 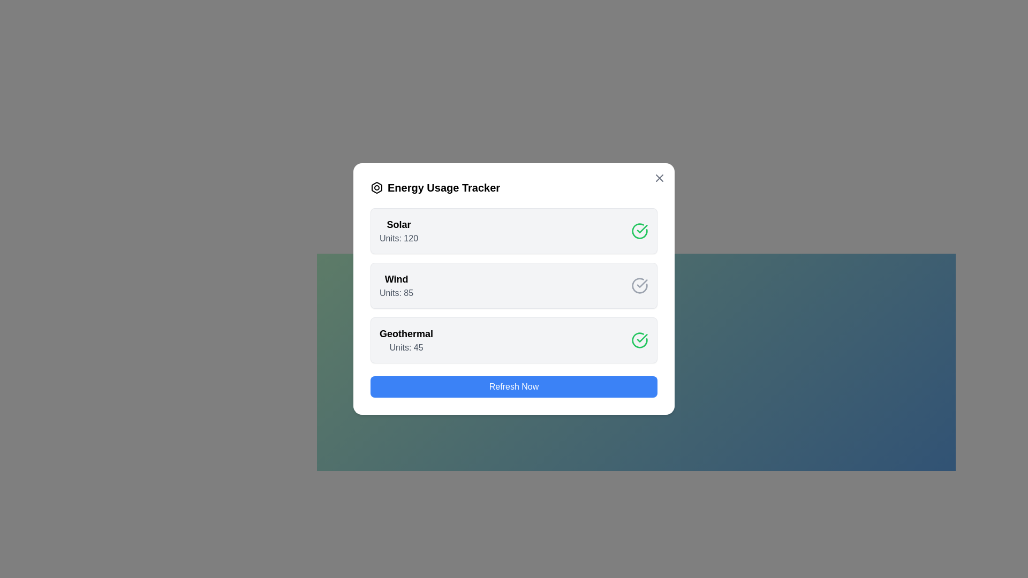 I want to click on the refresh button located at the bottom of the card to refresh the displayed data, so click(x=514, y=386).